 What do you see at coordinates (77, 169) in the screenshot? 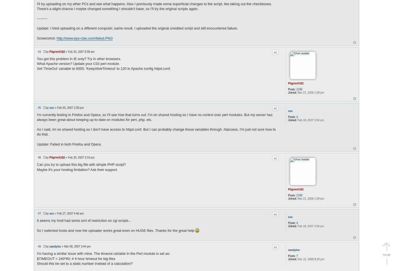
I see `'Maybe it's your hosting limitation? Ask their support.'` at bounding box center [77, 169].